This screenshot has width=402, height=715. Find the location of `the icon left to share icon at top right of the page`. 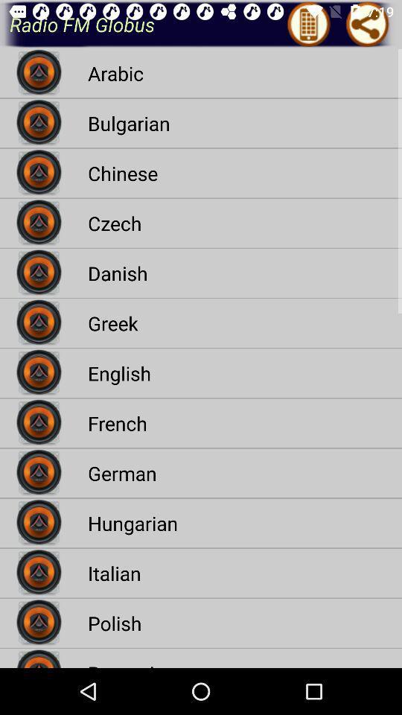

the icon left to share icon at top right of the page is located at coordinates (308, 48).